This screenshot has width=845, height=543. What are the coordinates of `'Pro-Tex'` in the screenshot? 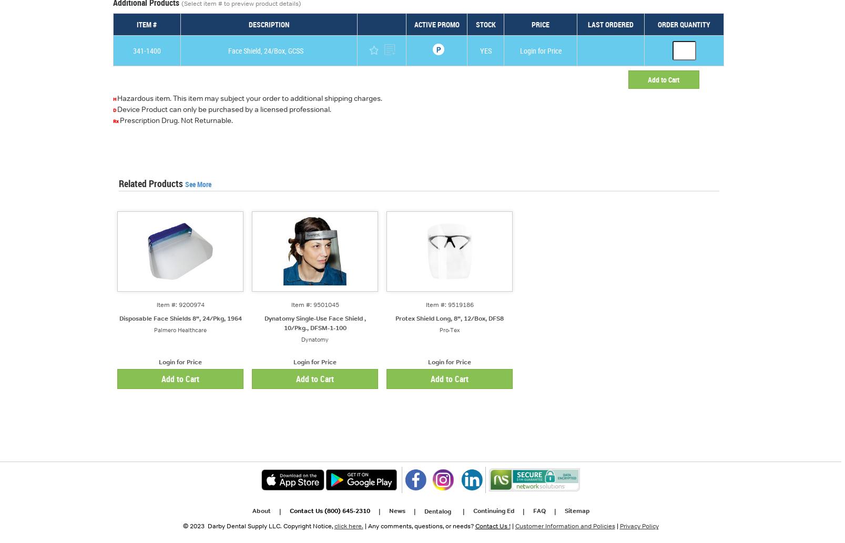 It's located at (449, 329).